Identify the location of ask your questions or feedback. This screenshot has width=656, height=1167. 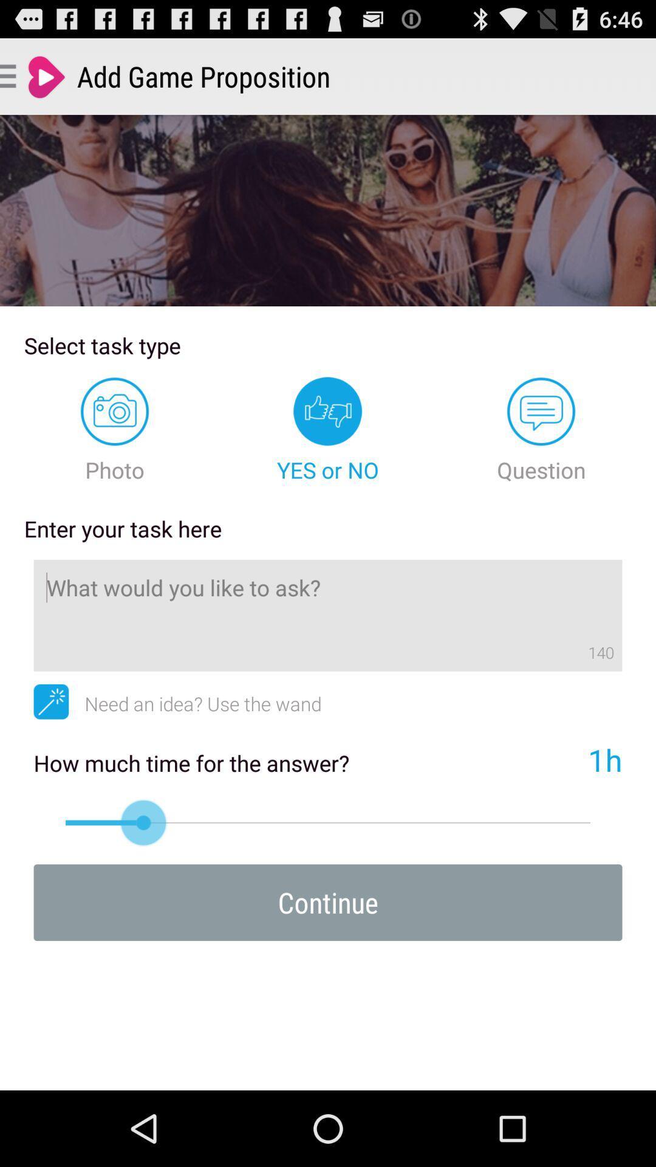
(328, 615).